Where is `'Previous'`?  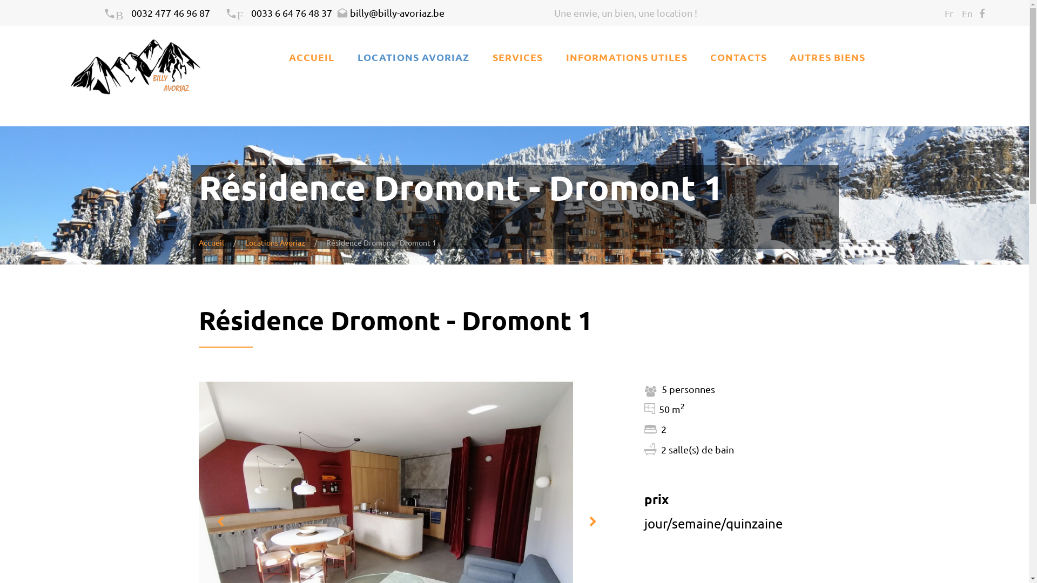
'Previous' is located at coordinates (219, 521).